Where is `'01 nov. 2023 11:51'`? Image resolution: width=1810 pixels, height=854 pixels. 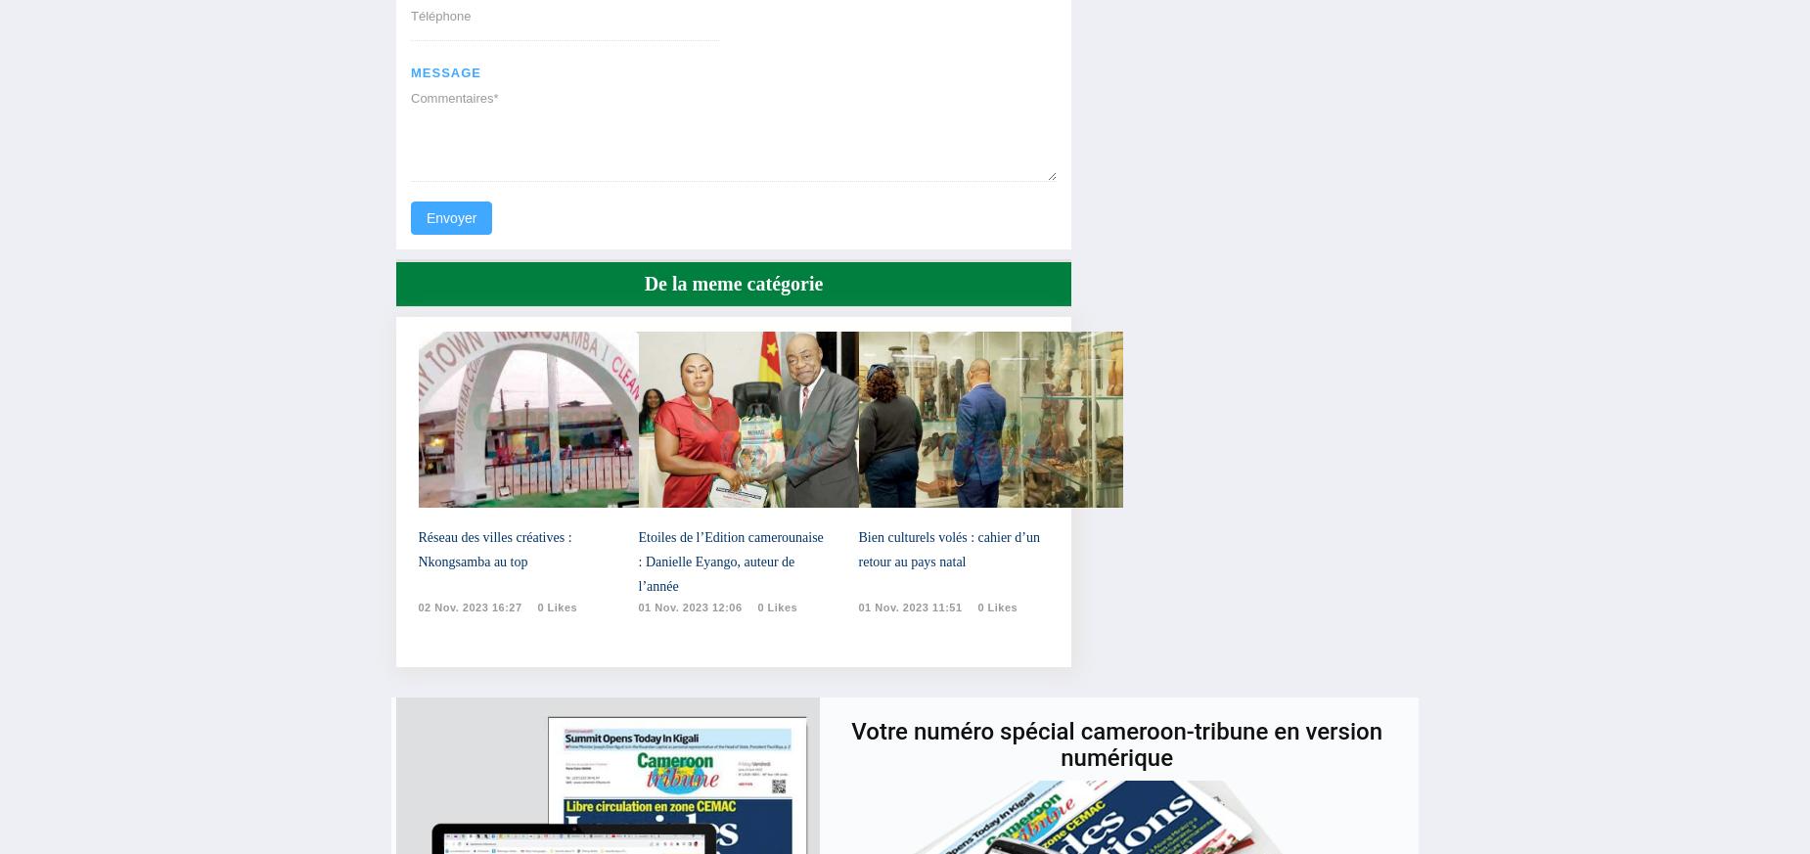 '01 nov. 2023 11:51' is located at coordinates (858, 607).